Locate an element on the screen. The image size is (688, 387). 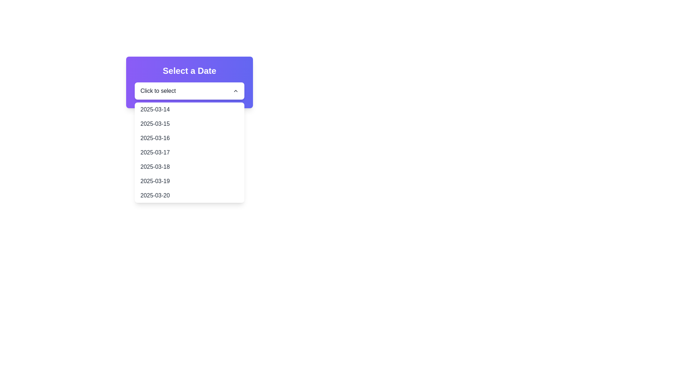
the first list item displaying the date '2025-03-14' in the dropdown menu is located at coordinates (189, 109).